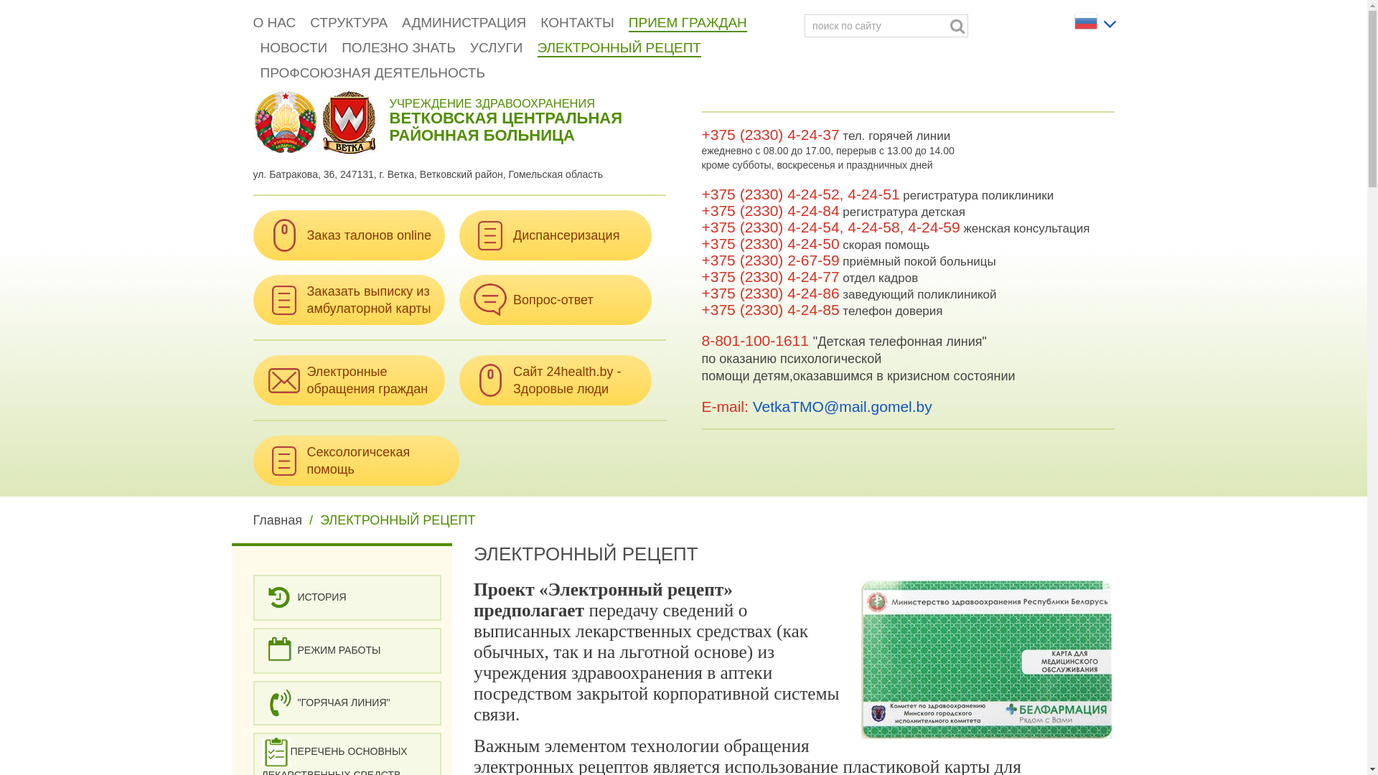 The width and height of the screenshot is (1378, 775). I want to click on 'Russian', so click(1087, 19).